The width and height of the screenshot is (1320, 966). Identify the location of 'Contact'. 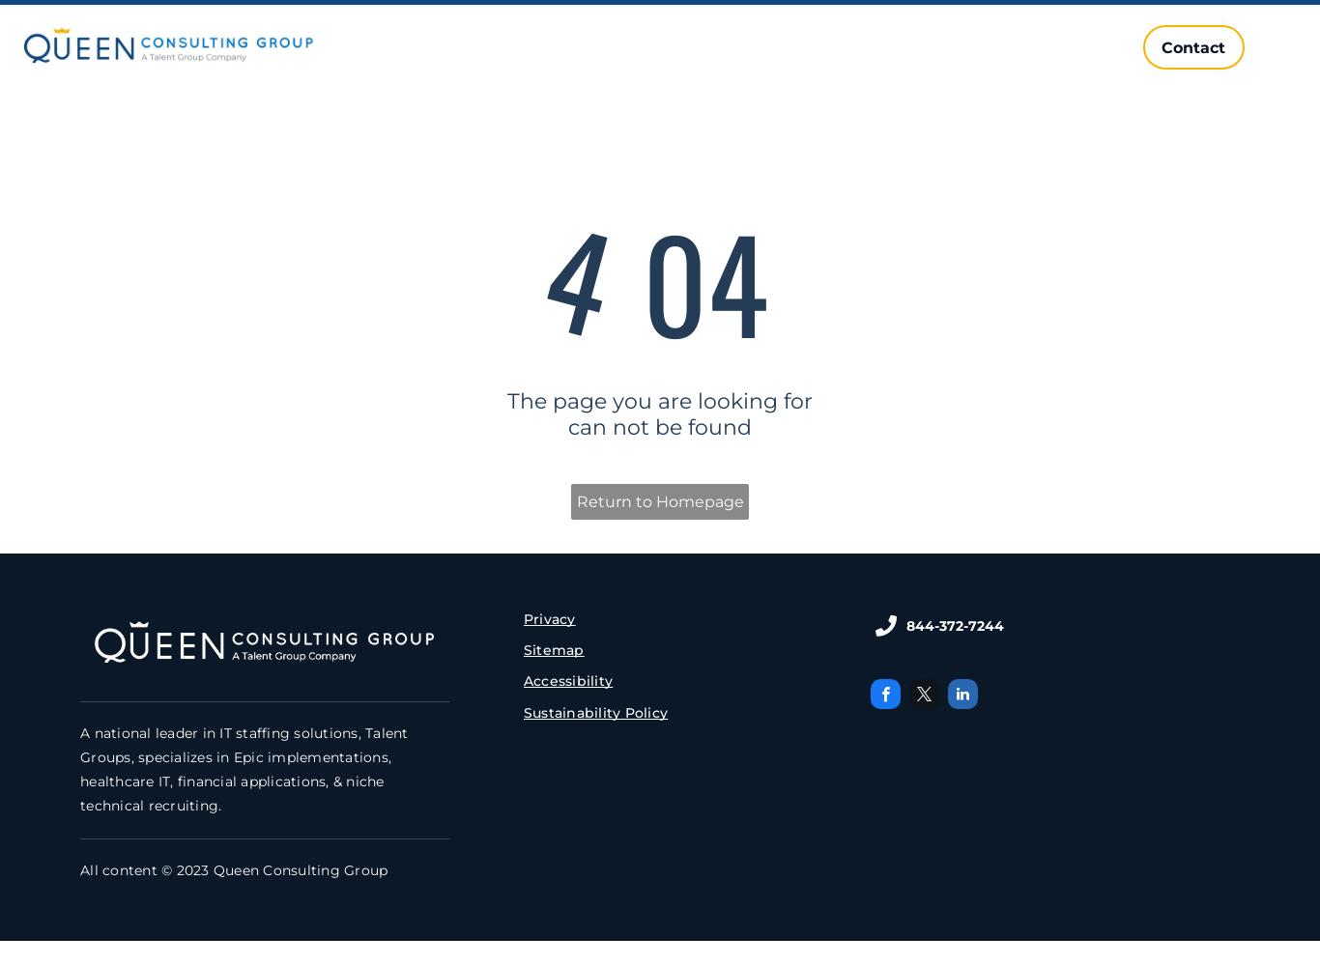
(1193, 46).